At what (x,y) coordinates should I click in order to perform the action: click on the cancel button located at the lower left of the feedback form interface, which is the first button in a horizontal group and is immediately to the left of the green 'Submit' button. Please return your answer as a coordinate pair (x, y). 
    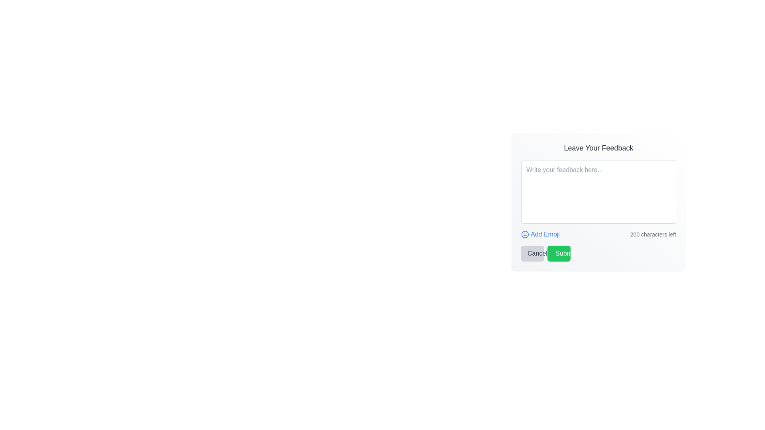
    Looking at the image, I should click on (533, 253).